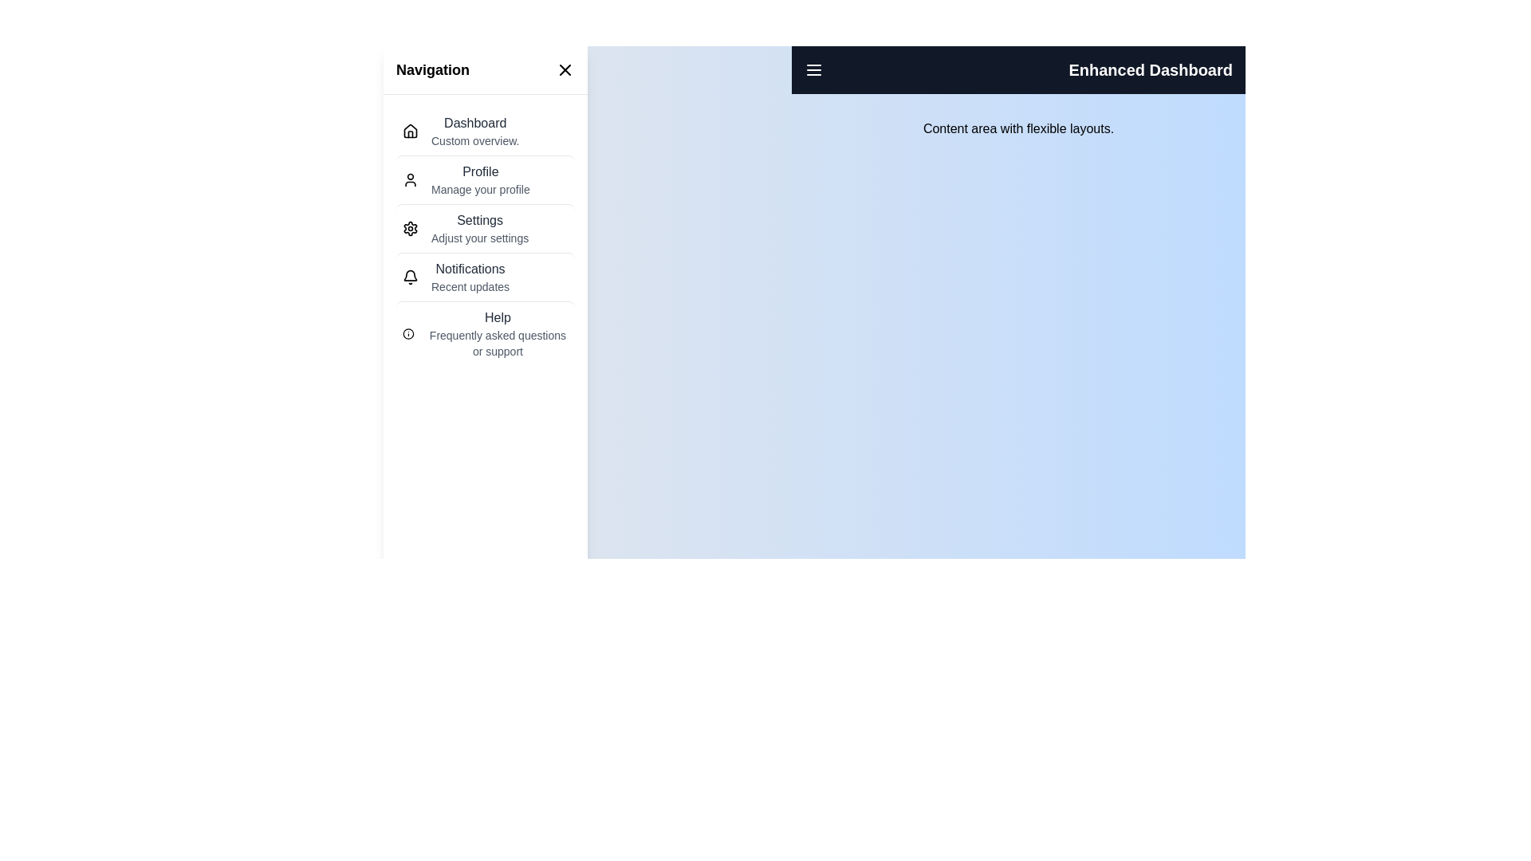 The height and width of the screenshot is (861, 1531). What do you see at coordinates (565, 69) in the screenshot?
I see `the close or cancel icon located in the navigation sidebar at the top-right corner, which serves to dismiss or collapse the sidebar` at bounding box center [565, 69].